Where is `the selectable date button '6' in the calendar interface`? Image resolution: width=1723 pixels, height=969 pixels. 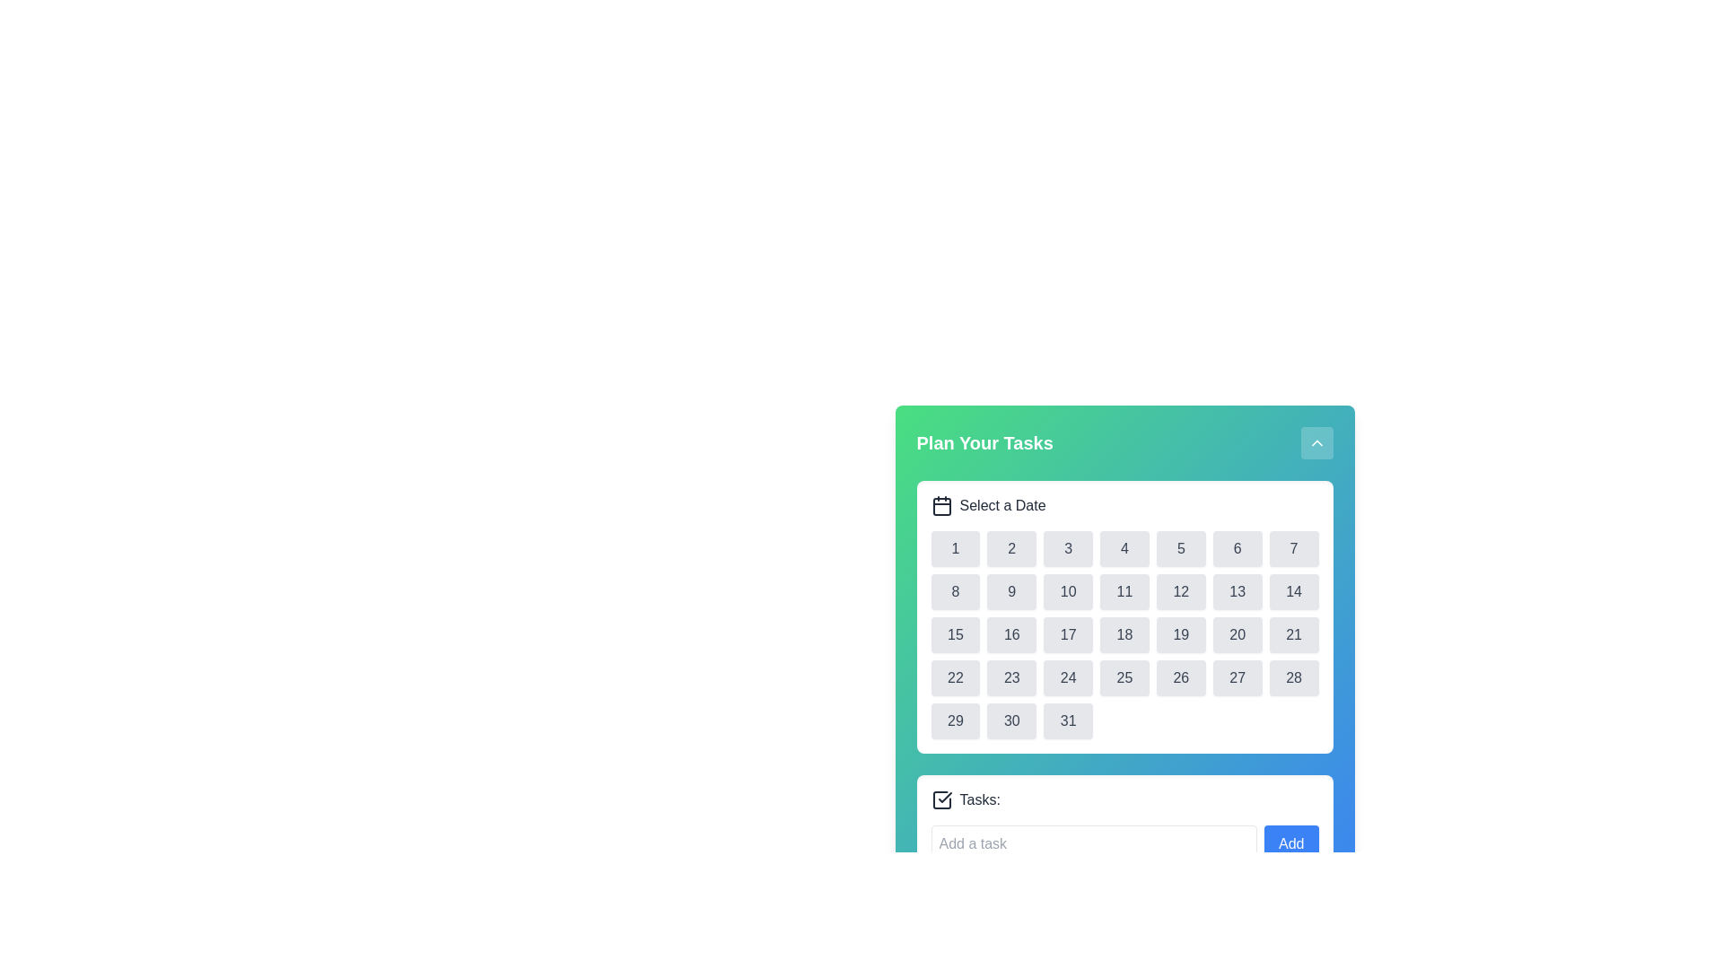
the selectable date button '6' in the calendar interface is located at coordinates (1237, 548).